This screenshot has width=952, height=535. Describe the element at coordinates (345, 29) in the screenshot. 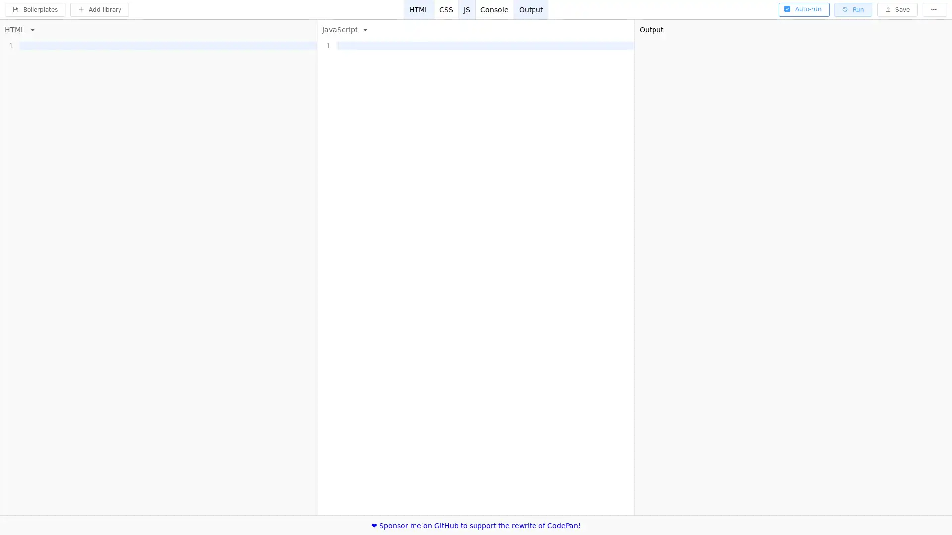

I see `JavaScript` at that location.